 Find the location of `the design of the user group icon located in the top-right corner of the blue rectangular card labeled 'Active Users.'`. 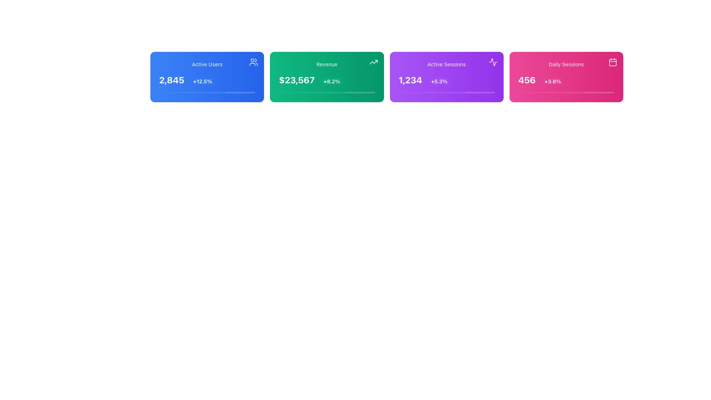

the design of the user group icon located in the top-right corner of the blue rectangular card labeled 'Active Users.' is located at coordinates (254, 62).